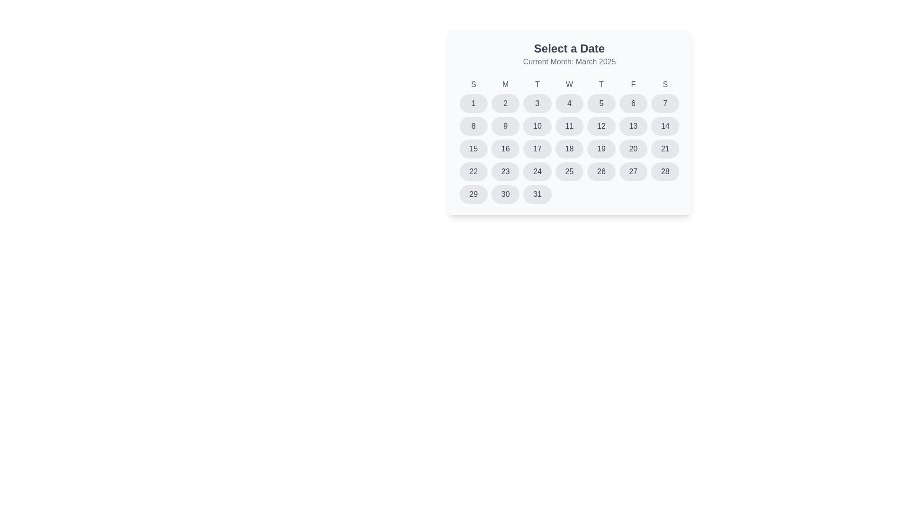 This screenshot has height=511, width=910. Describe the element at coordinates (569, 122) in the screenshot. I see `a date cell within the Calendar view component` at that location.